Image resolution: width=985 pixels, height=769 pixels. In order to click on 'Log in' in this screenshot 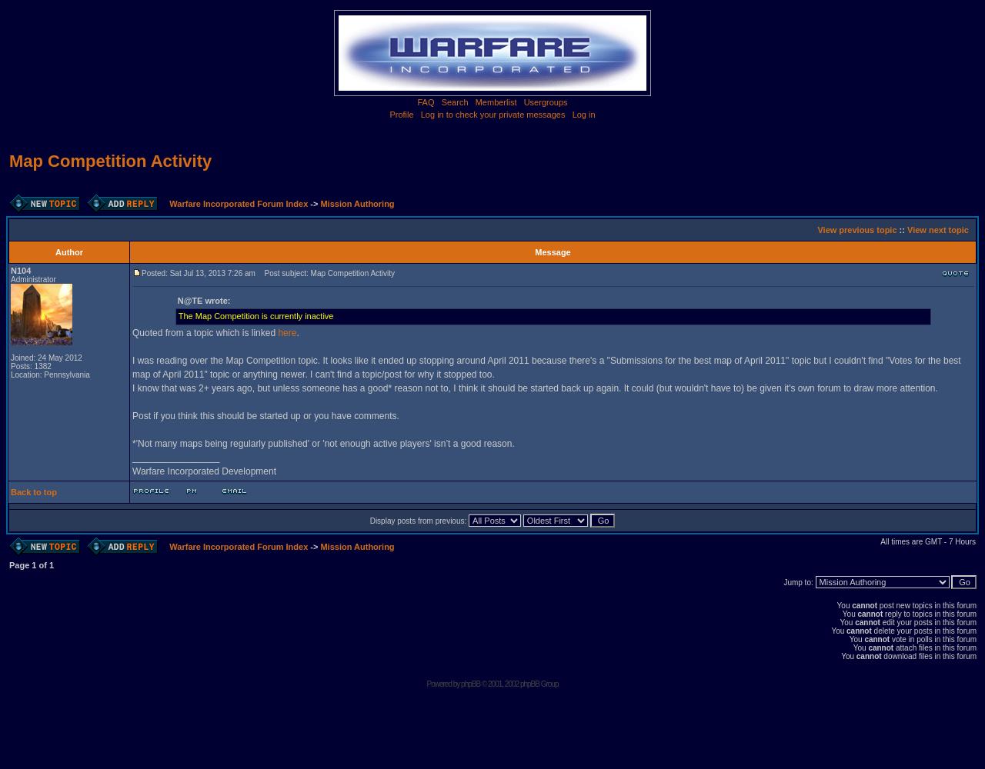, I will do `click(583, 115)`.